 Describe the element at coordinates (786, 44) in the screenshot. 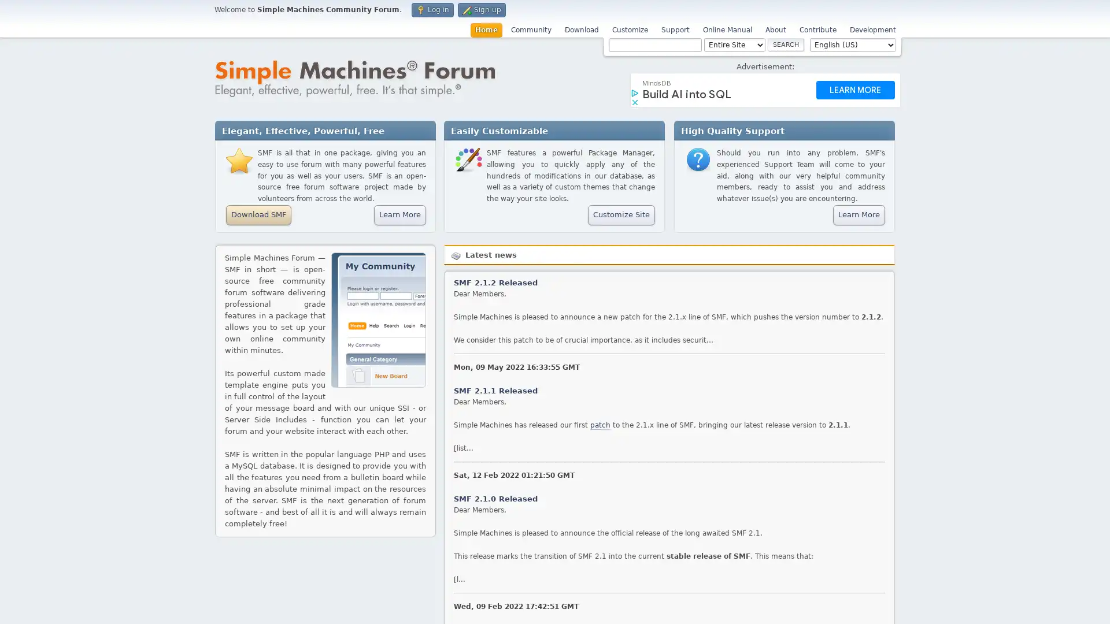

I see `SEARCH` at that location.